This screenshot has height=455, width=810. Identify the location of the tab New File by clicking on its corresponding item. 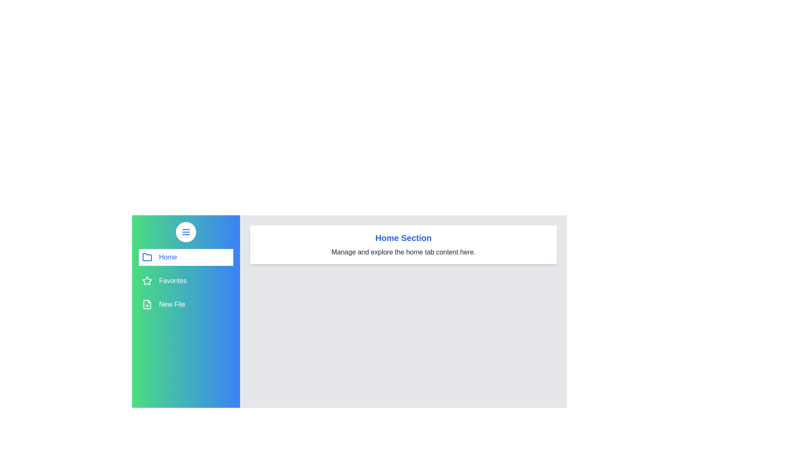
(186, 304).